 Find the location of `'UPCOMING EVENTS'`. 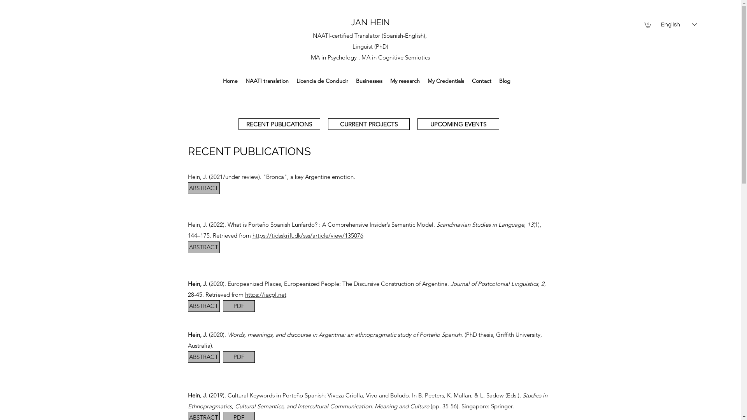

'UPCOMING EVENTS' is located at coordinates (458, 124).